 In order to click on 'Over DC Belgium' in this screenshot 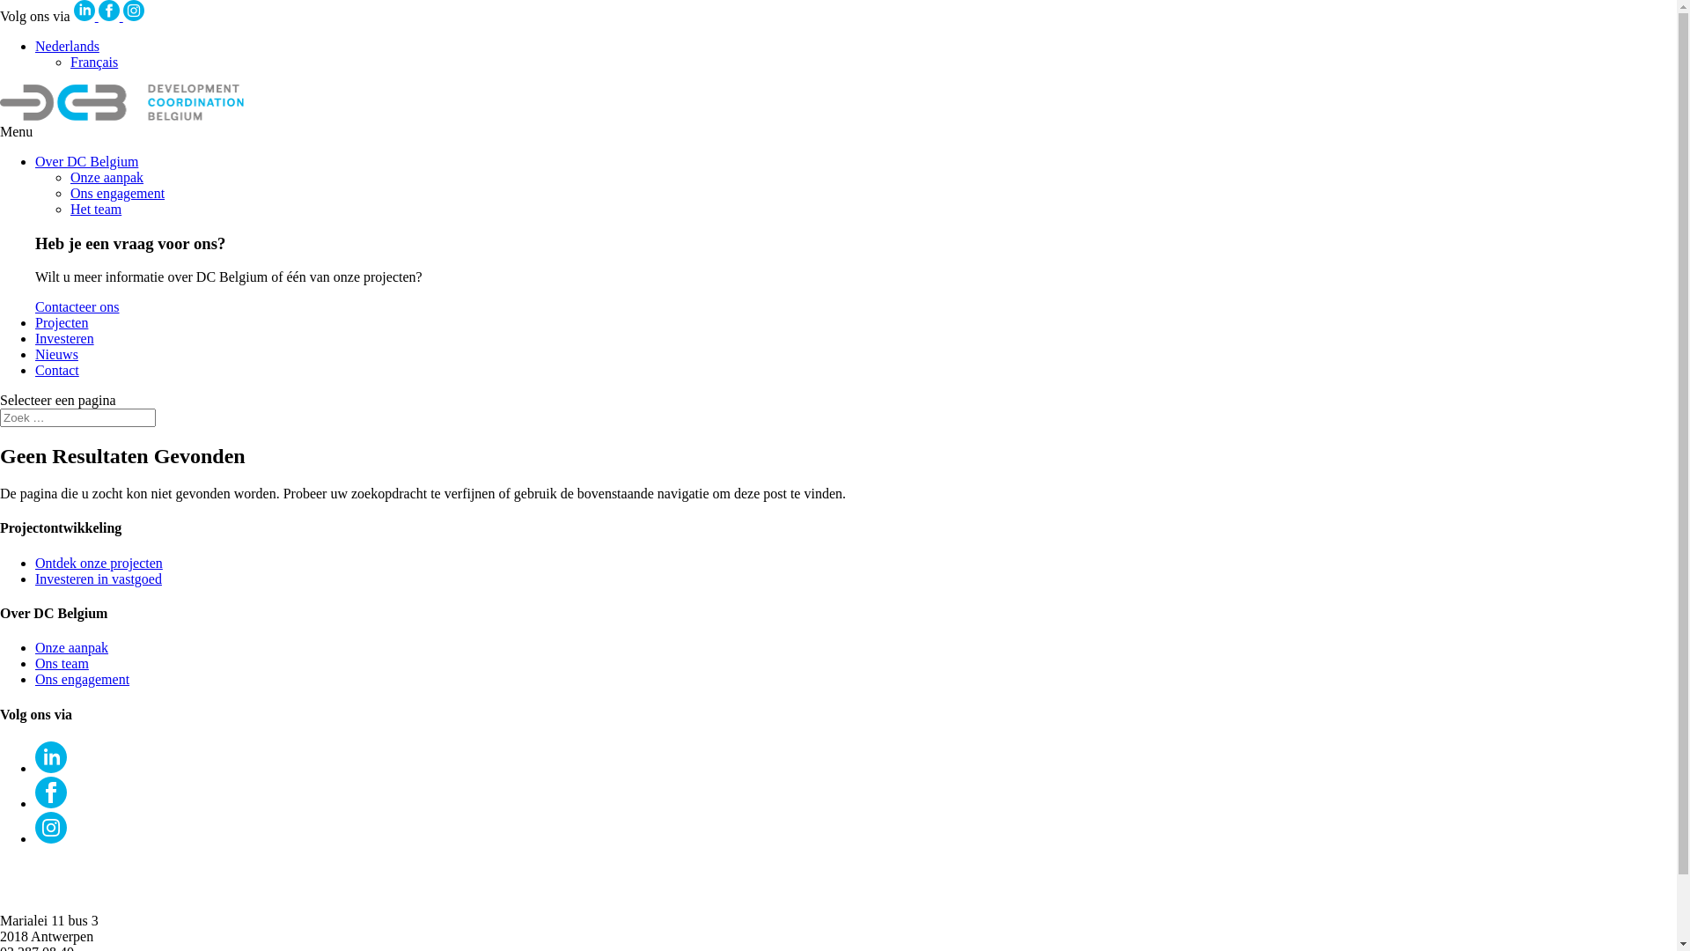, I will do `click(85, 161)`.